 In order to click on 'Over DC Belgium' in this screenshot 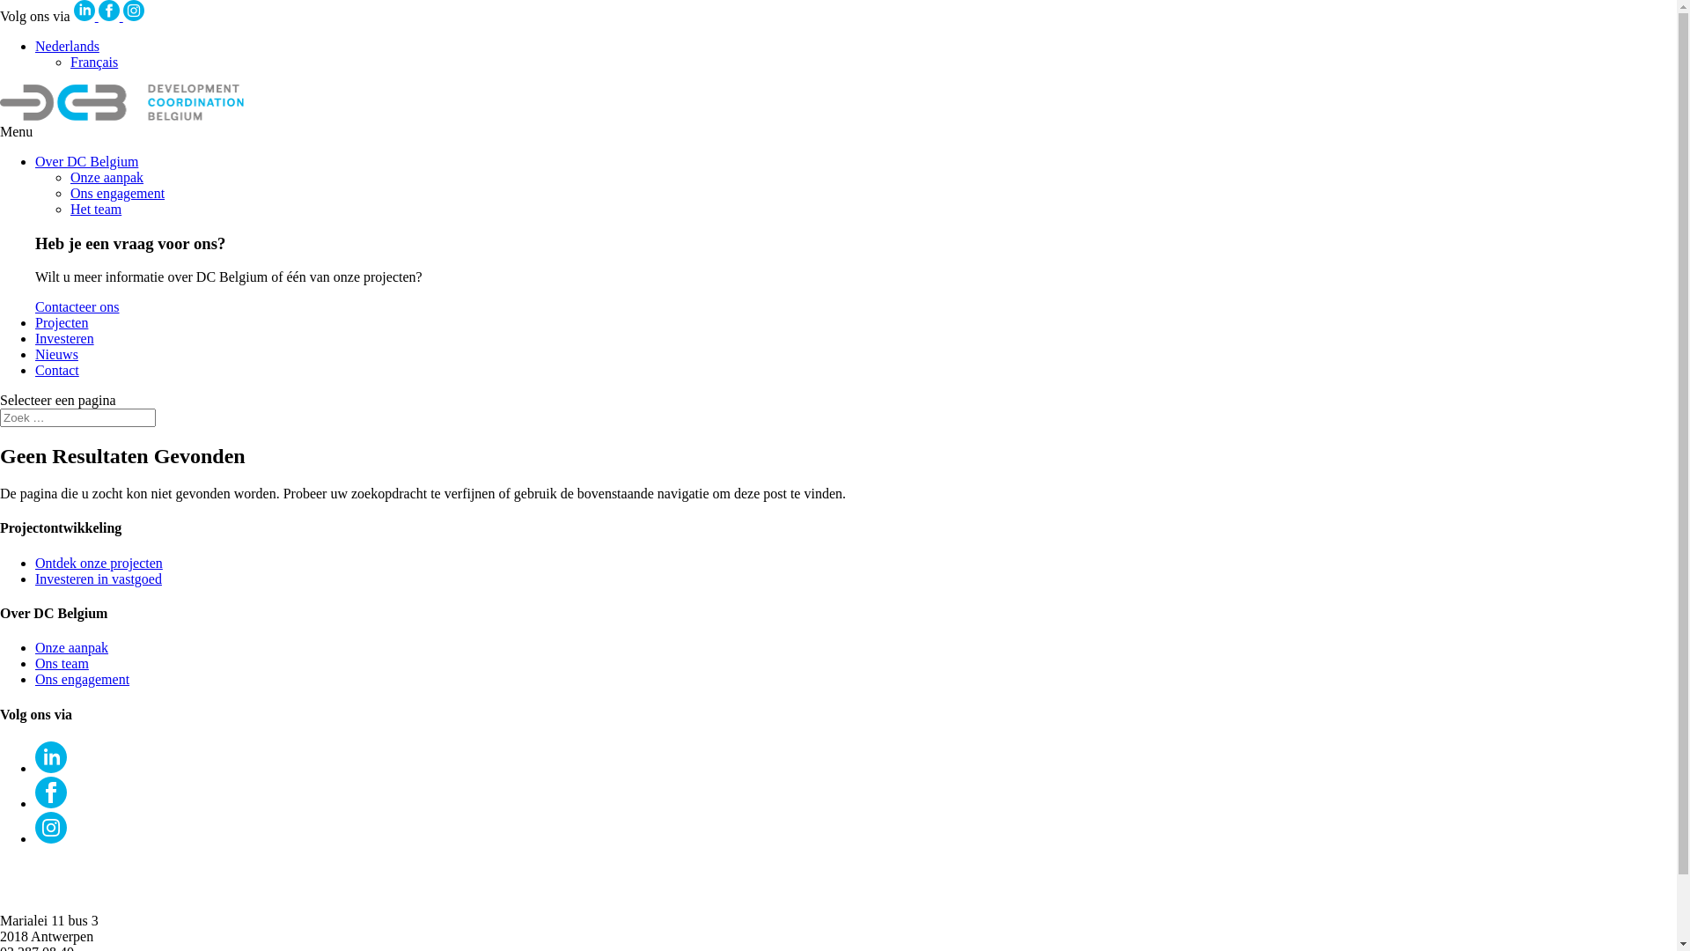, I will do `click(85, 161)`.